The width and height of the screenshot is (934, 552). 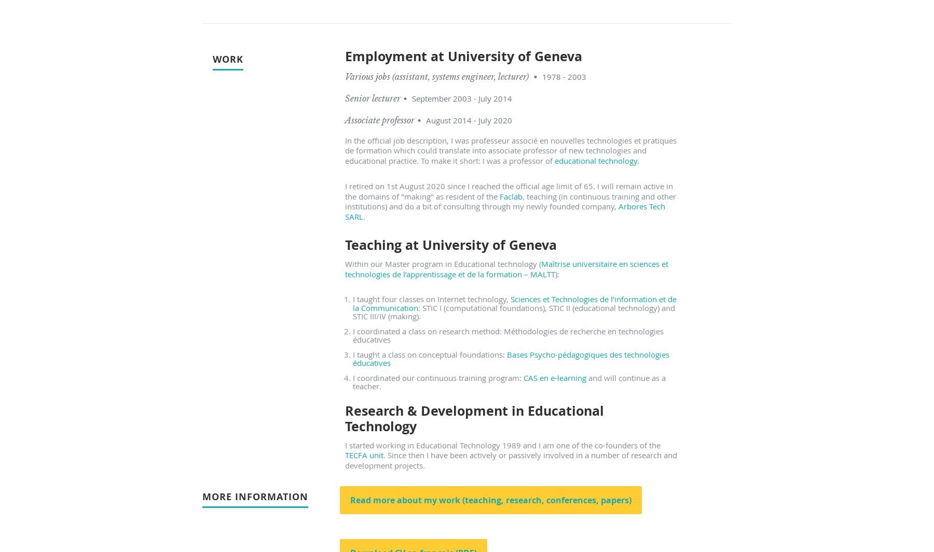 What do you see at coordinates (425, 119) in the screenshot?
I see `'August 2014 - July 2020'` at bounding box center [425, 119].